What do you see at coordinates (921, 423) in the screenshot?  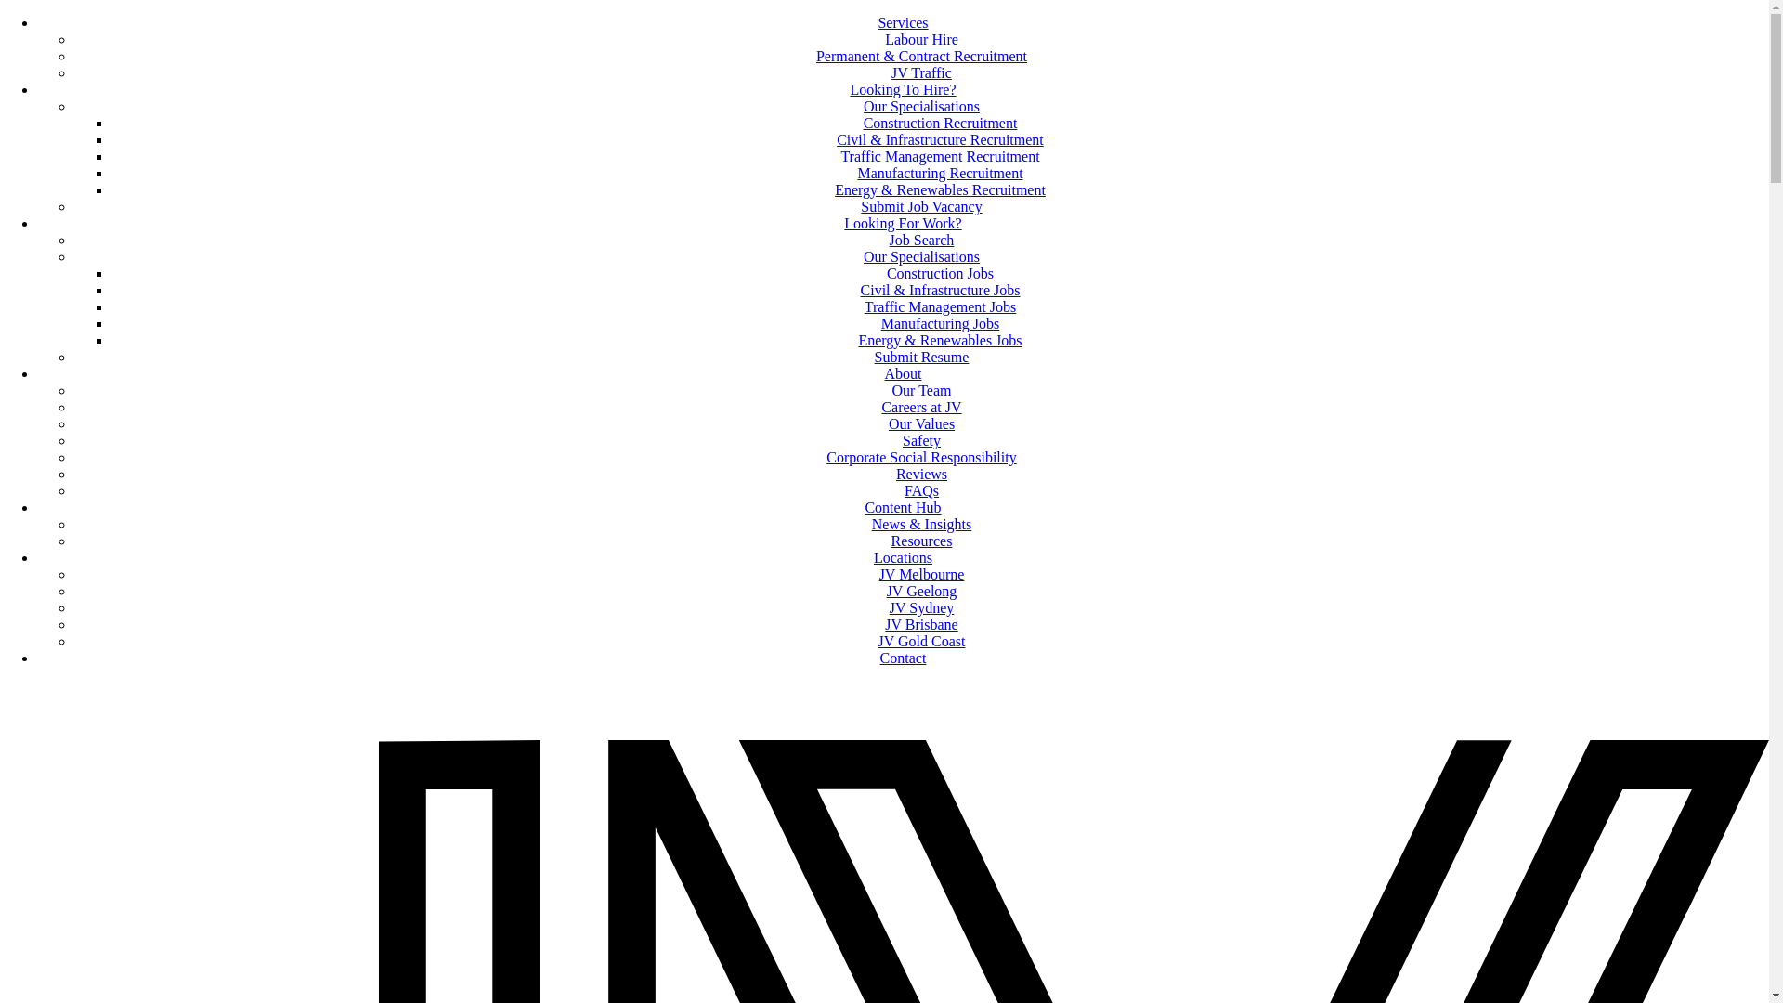 I see `'Our Values'` at bounding box center [921, 423].